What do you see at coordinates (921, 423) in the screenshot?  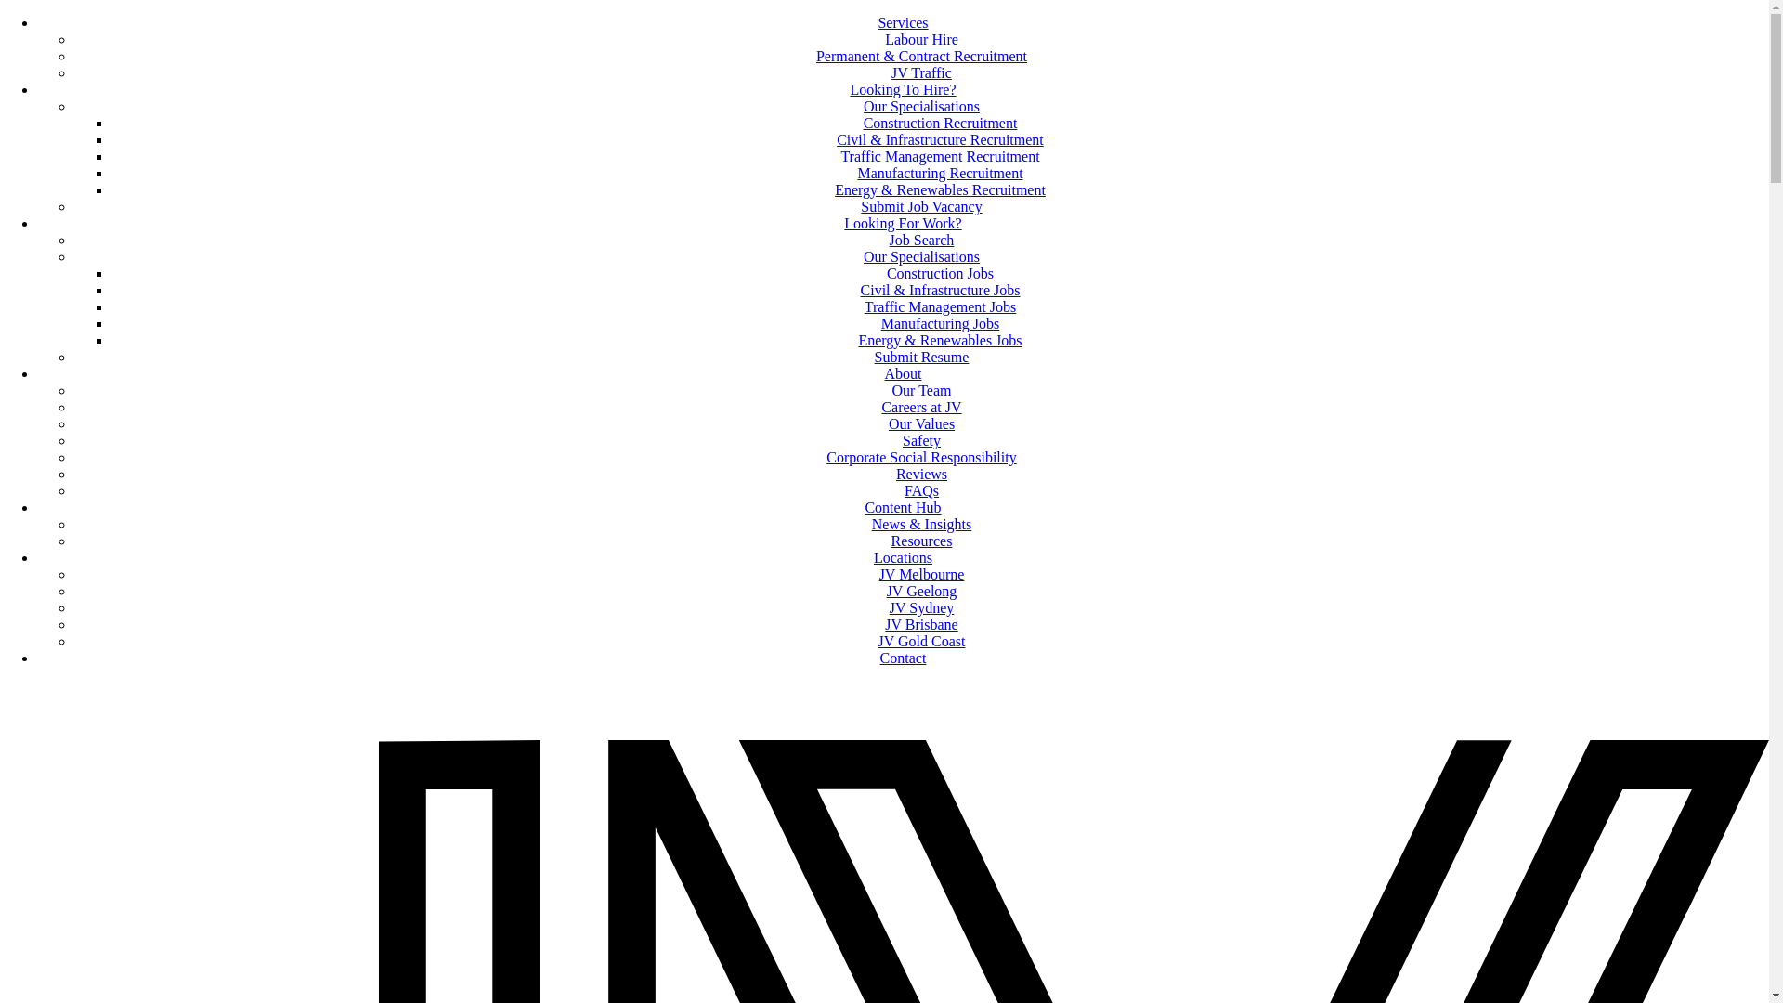 I see `'Our Values'` at bounding box center [921, 423].